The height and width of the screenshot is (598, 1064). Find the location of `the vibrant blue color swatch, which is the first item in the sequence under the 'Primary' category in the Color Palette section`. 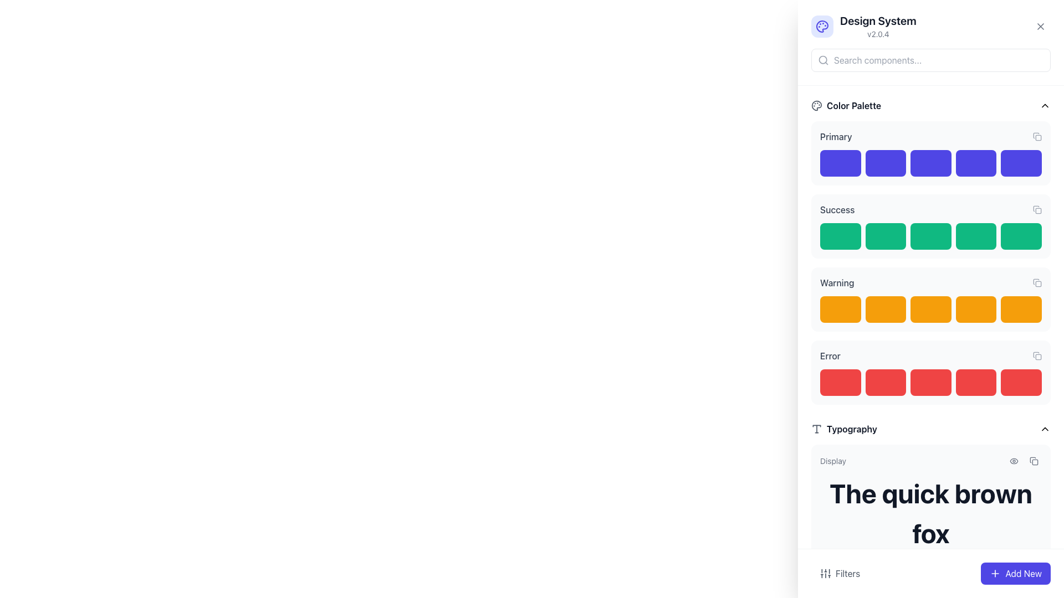

the vibrant blue color swatch, which is the first item in the sequence under the 'Primary' category in the Color Palette section is located at coordinates (840, 163).